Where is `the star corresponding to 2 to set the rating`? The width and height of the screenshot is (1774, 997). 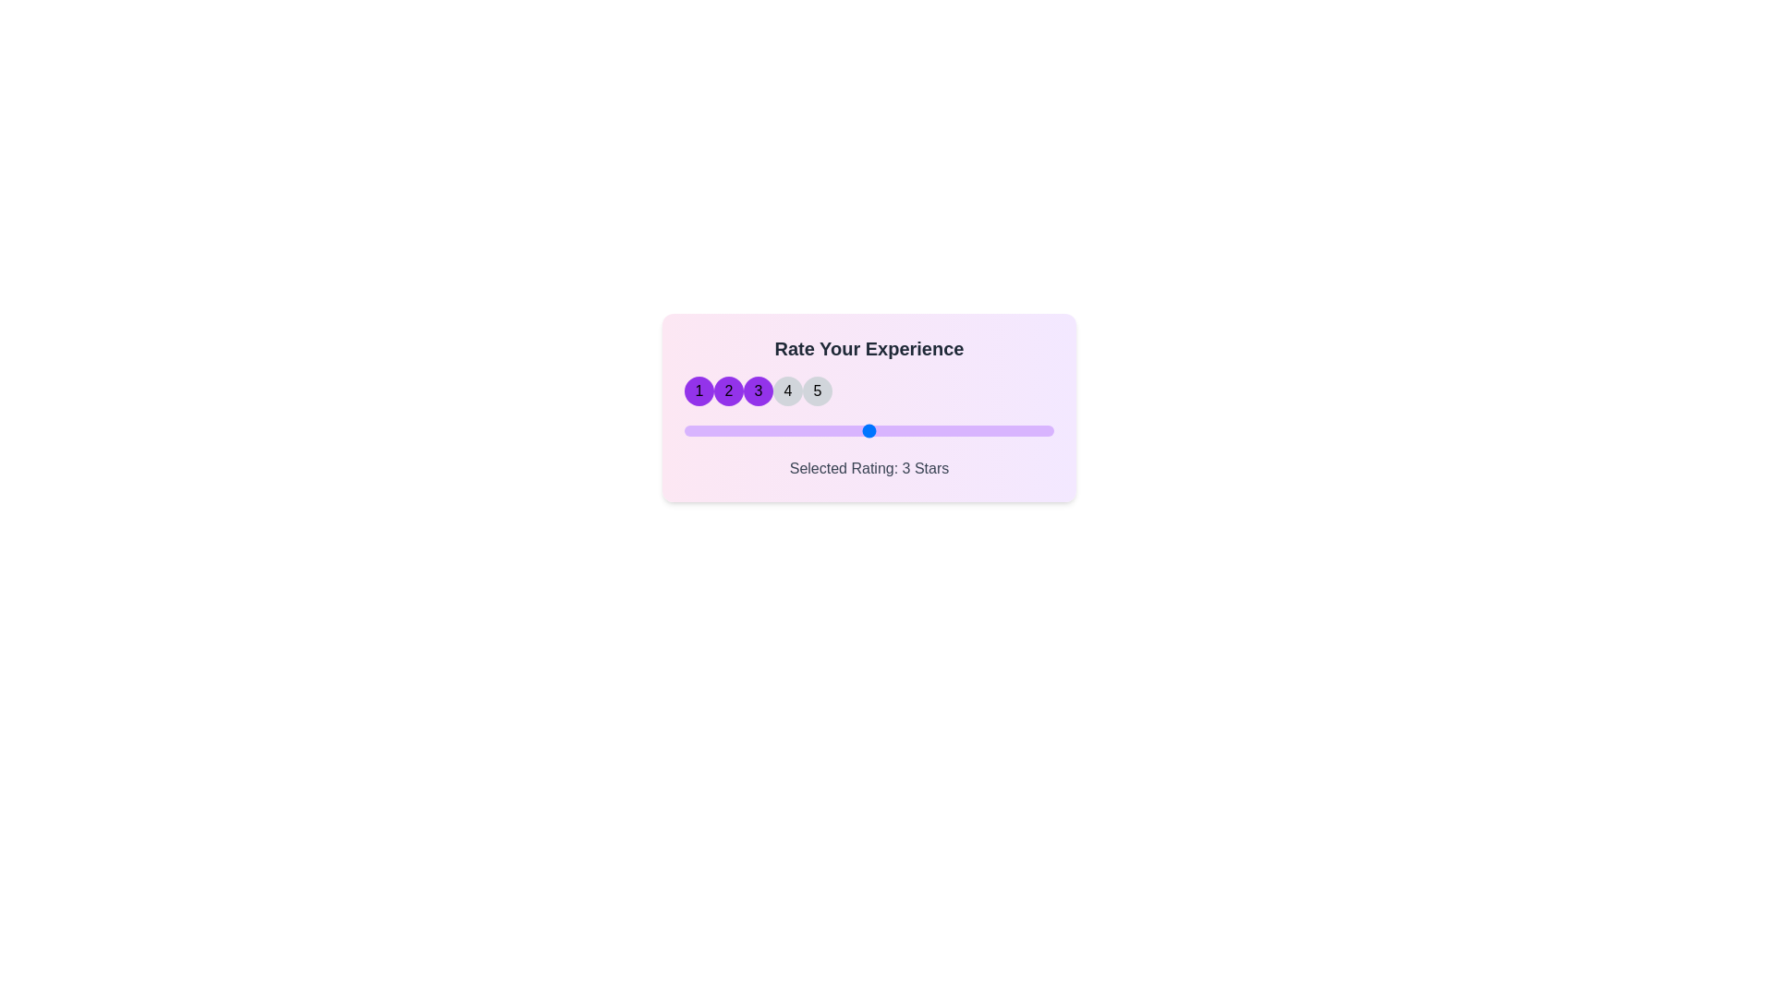 the star corresponding to 2 to set the rating is located at coordinates (727, 390).